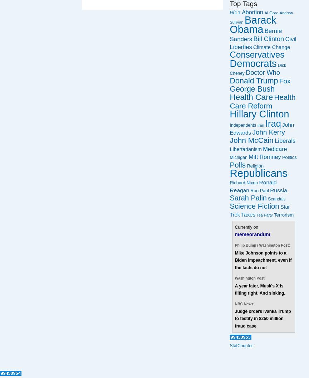 The width and height of the screenshot is (309, 378). What do you see at coordinates (255, 165) in the screenshot?
I see `'Religion'` at bounding box center [255, 165].